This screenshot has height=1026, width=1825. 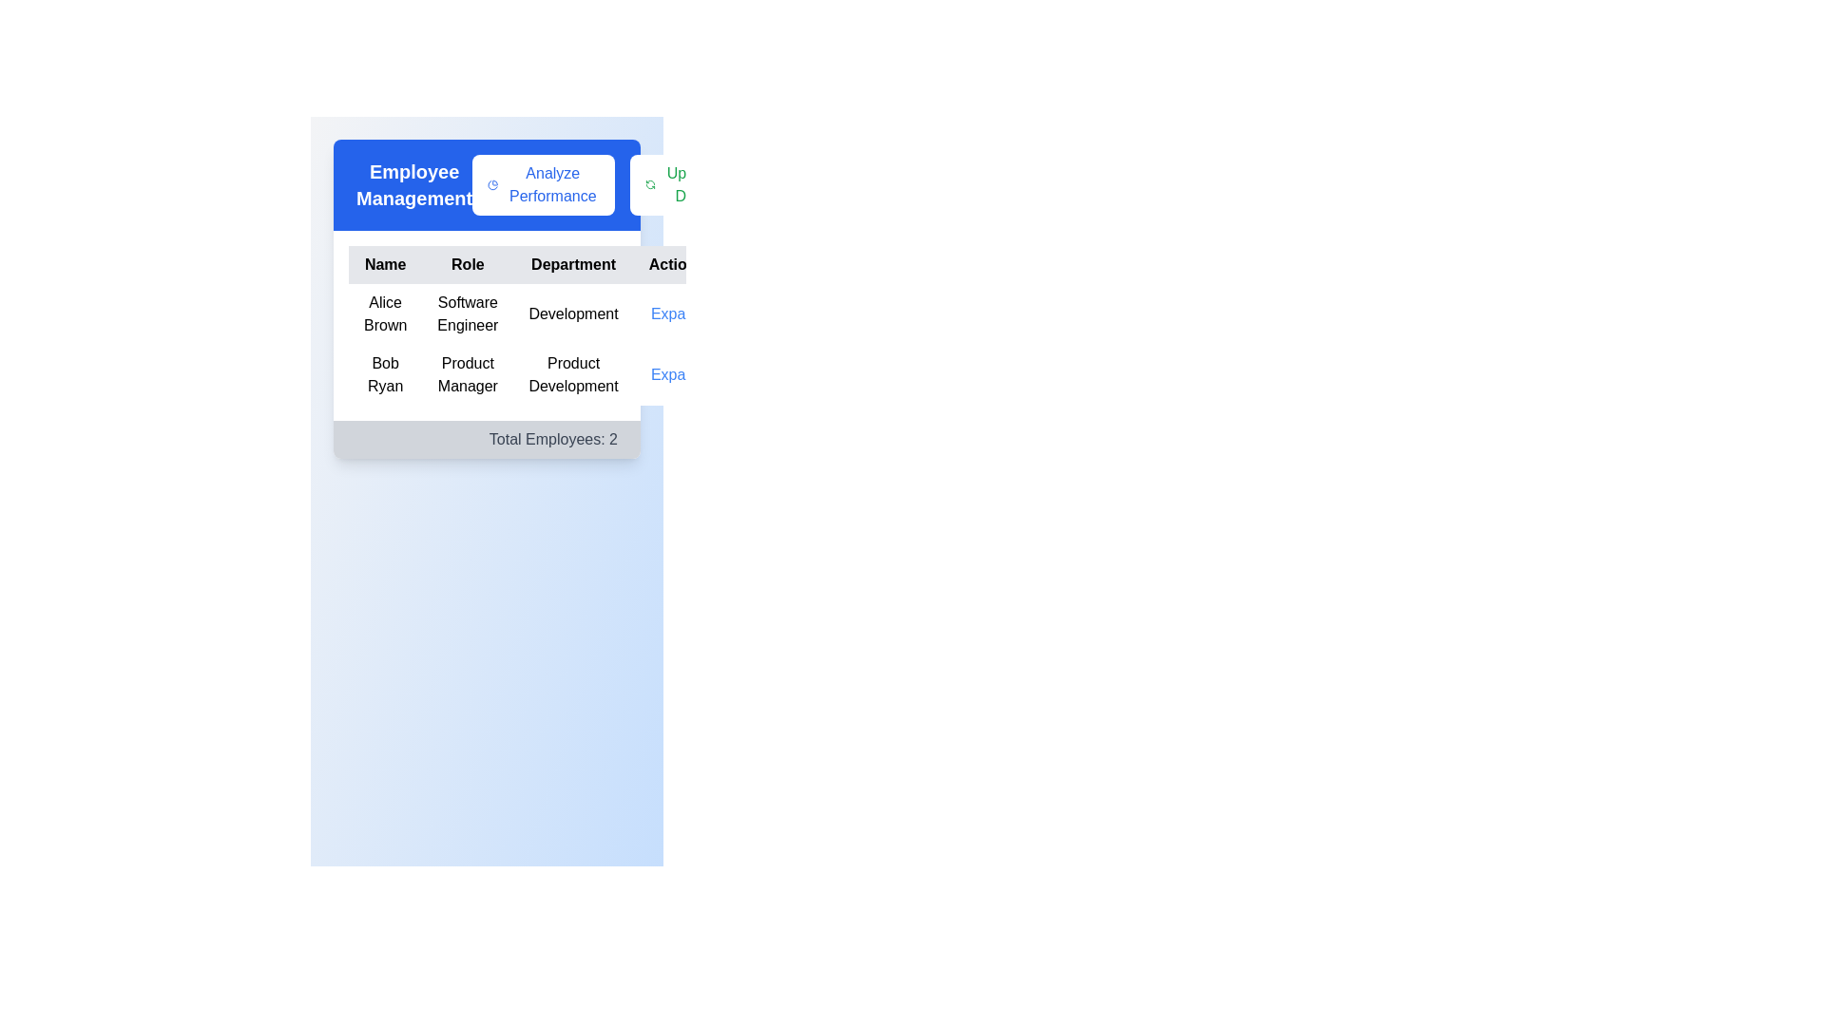 I want to click on the 'Role' column header in the table, which is the second header in a row of horizontally aligned headers, so click(x=468, y=264).